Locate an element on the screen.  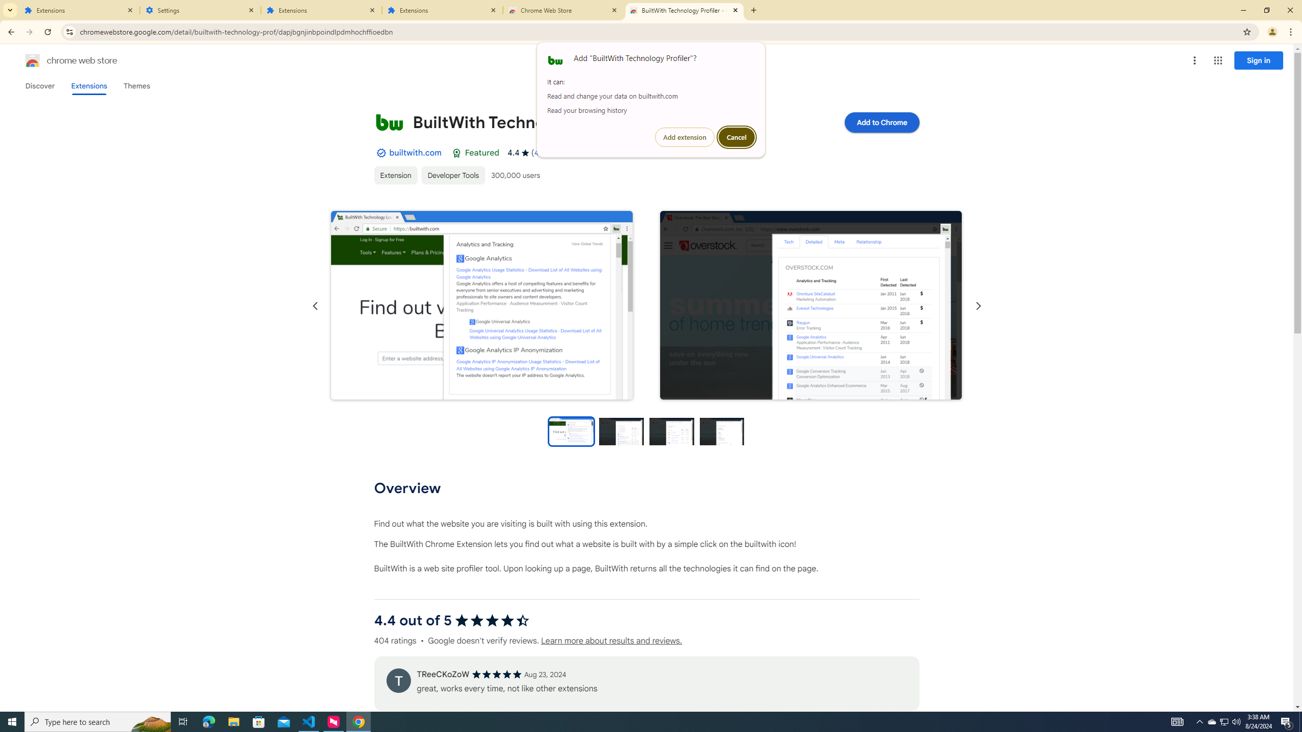
'User Promoted Notification Area' is located at coordinates (1223, 721).